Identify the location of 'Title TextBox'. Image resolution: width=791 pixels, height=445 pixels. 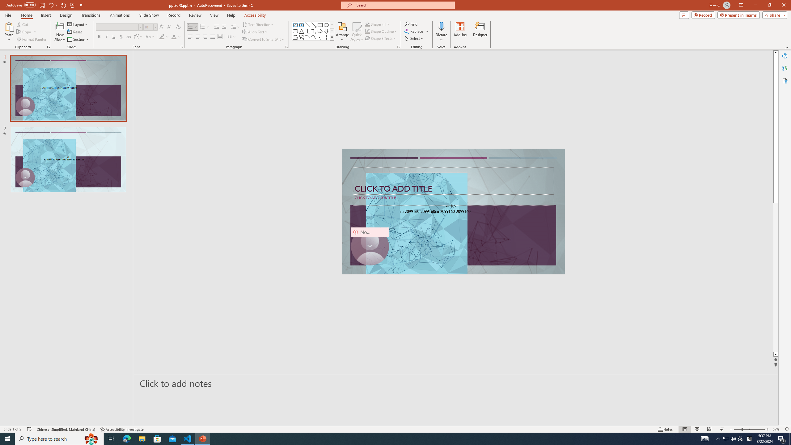
(453, 181).